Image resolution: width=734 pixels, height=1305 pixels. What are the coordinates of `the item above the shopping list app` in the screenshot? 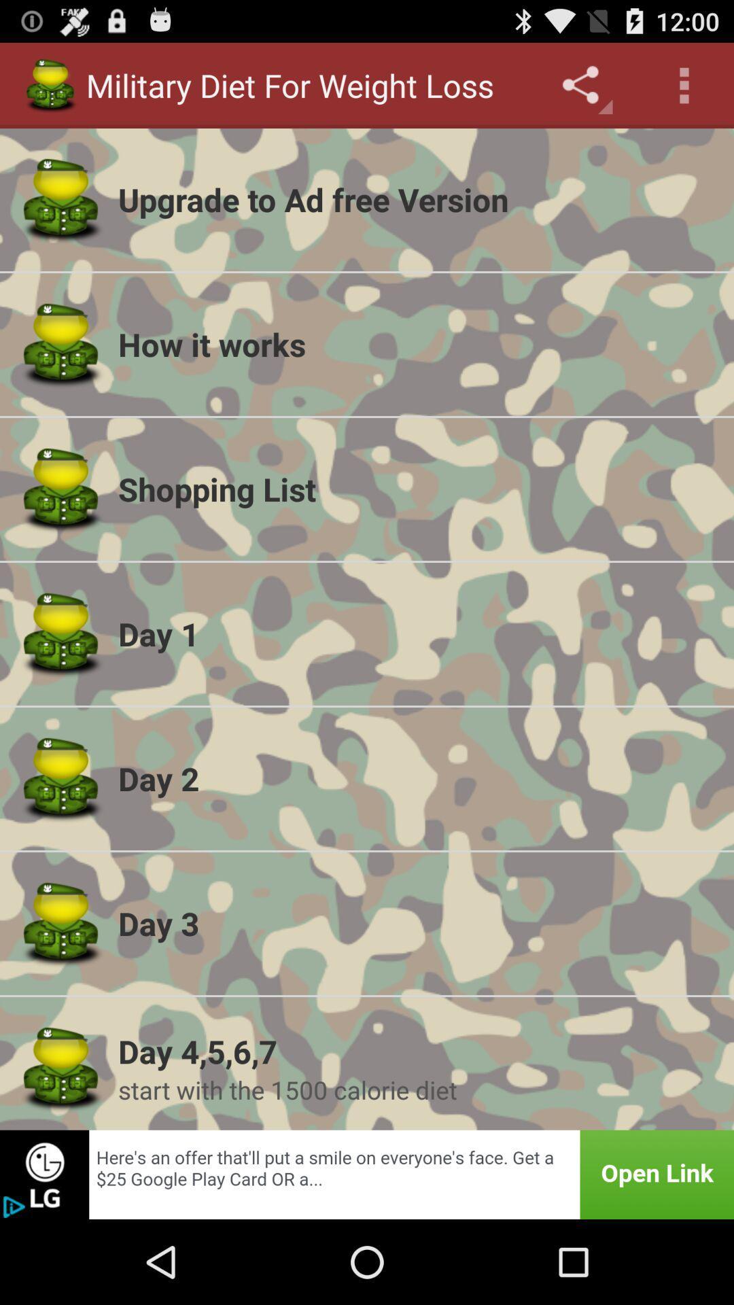 It's located at (417, 344).